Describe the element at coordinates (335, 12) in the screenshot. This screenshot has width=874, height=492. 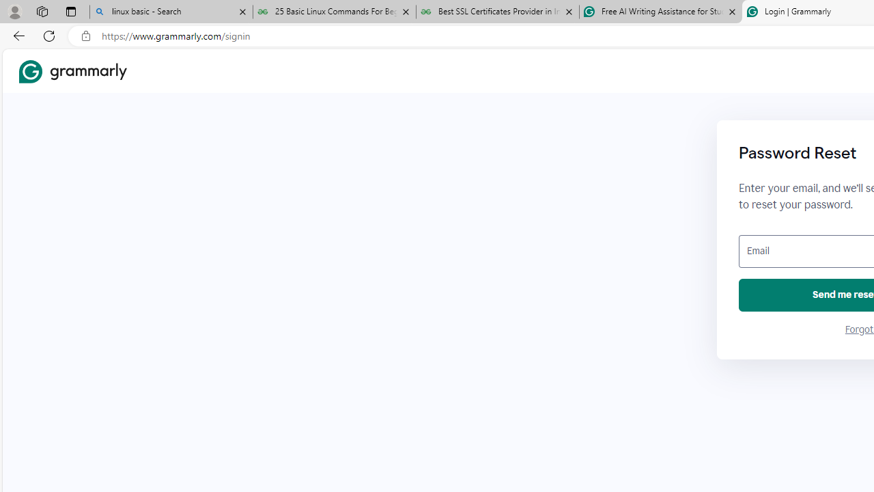
I see `'25 Basic Linux Commands For Beginners - GeeksforGeeks'` at that location.